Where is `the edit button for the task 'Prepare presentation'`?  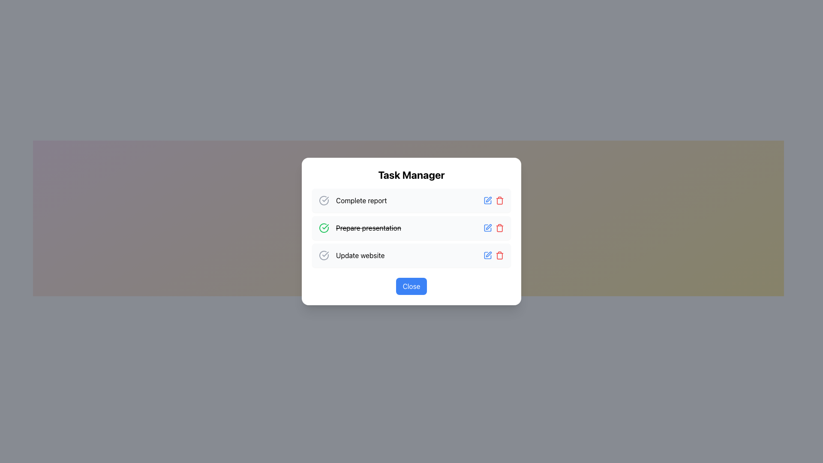 the edit button for the task 'Prepare presentation' is located at coordinates (487, 228).